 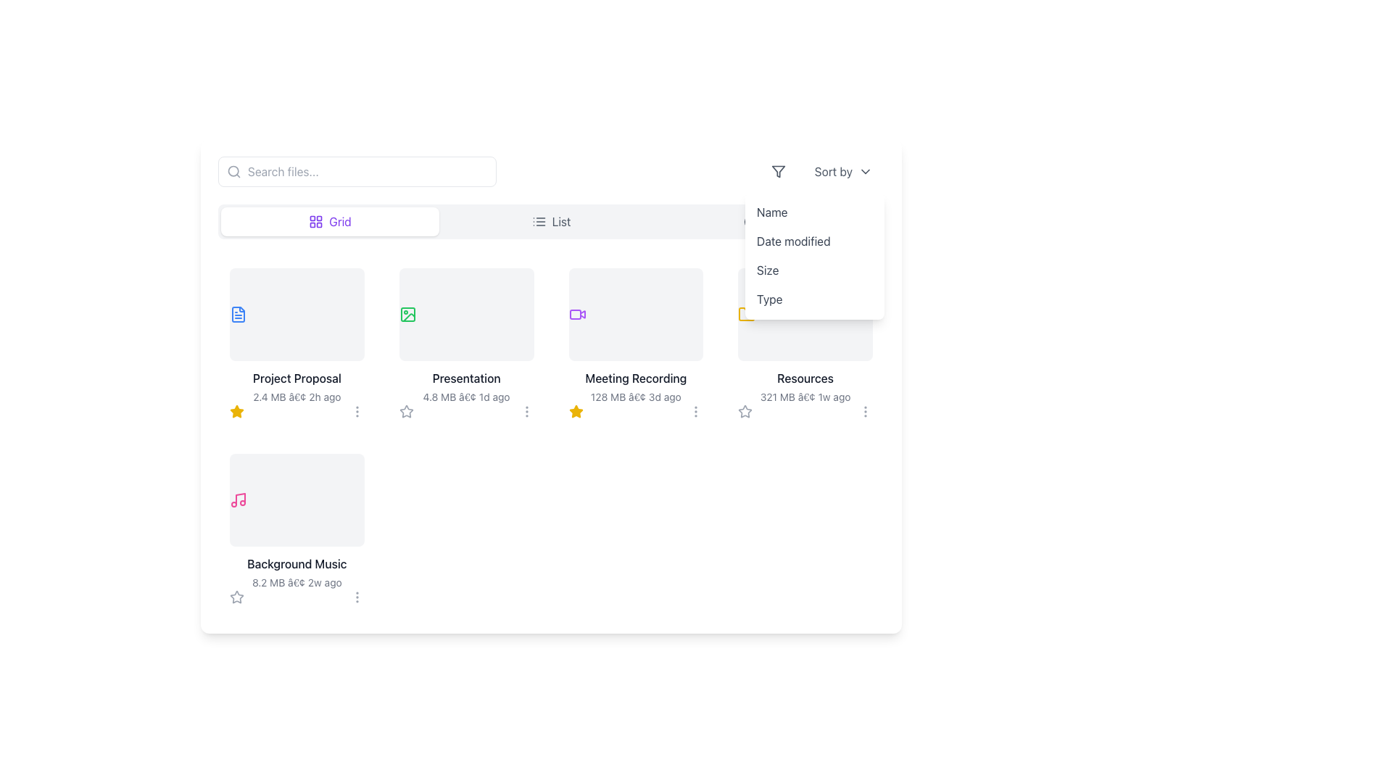 What do you see at coordinates (296, 572) in the screenshot?
I see `the label that provides the file's name and metadata, located in the fourth cell of a grid layout, directly below a musical theme icon` at bounding box center [296, 572].